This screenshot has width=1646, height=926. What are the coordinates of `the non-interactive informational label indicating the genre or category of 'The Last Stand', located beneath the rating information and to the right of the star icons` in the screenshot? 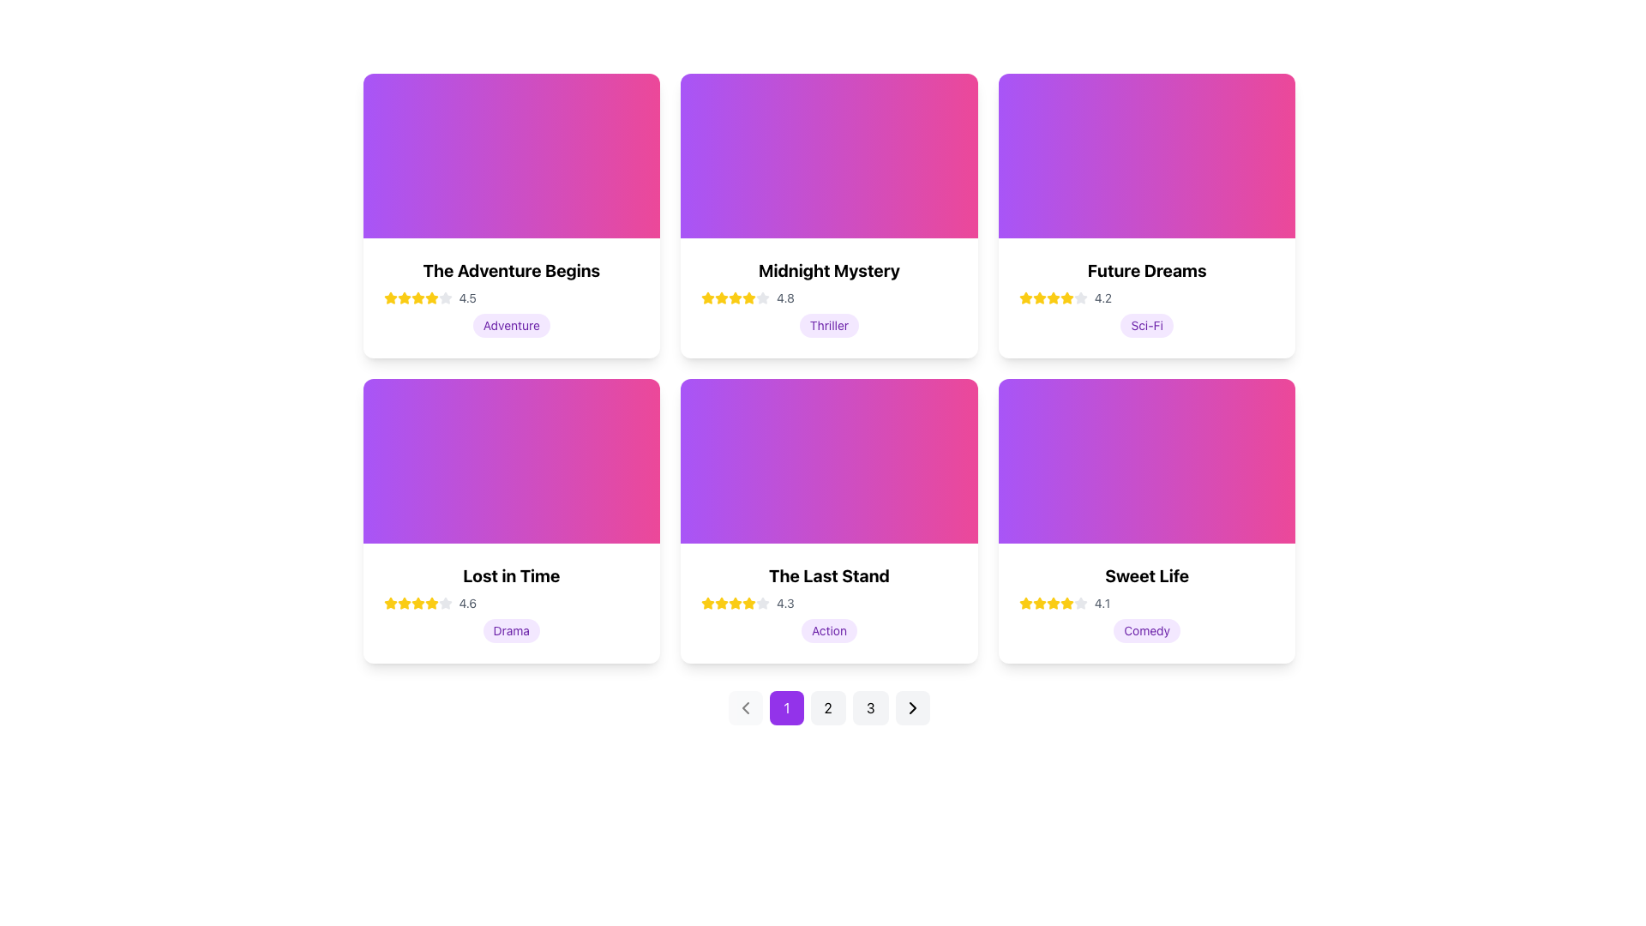 It's located at (829, 631).